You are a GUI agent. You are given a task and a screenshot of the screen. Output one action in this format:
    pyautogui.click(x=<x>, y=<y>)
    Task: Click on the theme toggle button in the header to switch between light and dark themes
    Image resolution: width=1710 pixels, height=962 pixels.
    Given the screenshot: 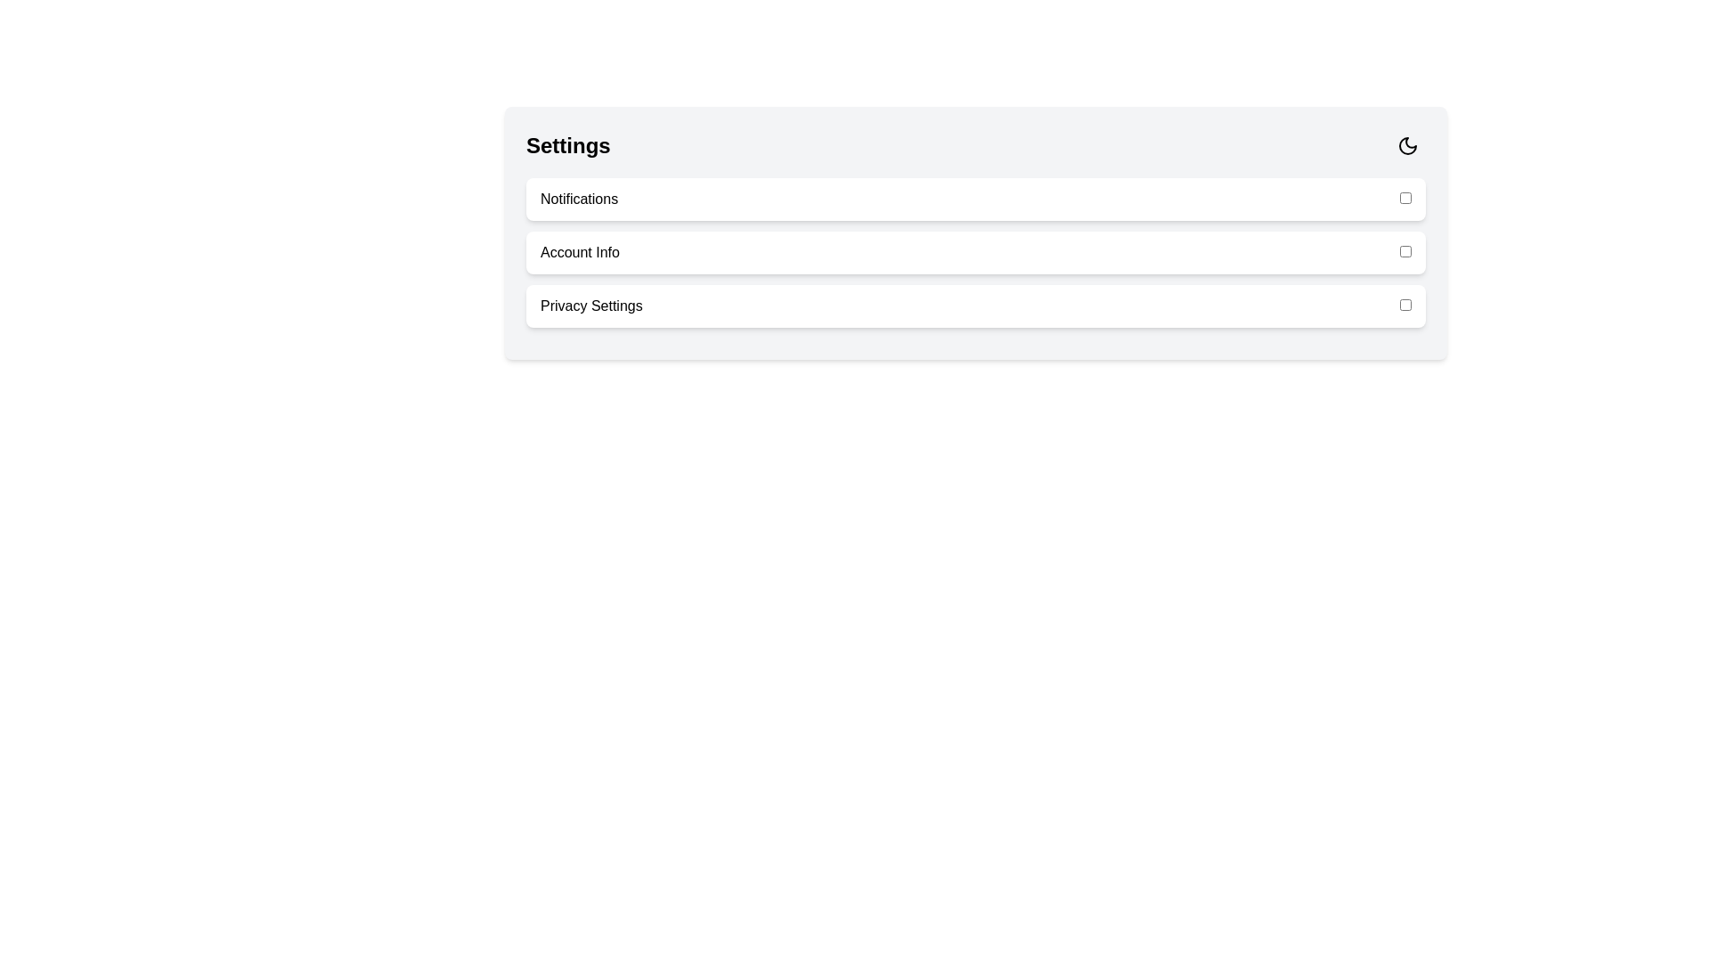 What is the action you would take?
    pyautogui.click(x=1406, y=145)
    